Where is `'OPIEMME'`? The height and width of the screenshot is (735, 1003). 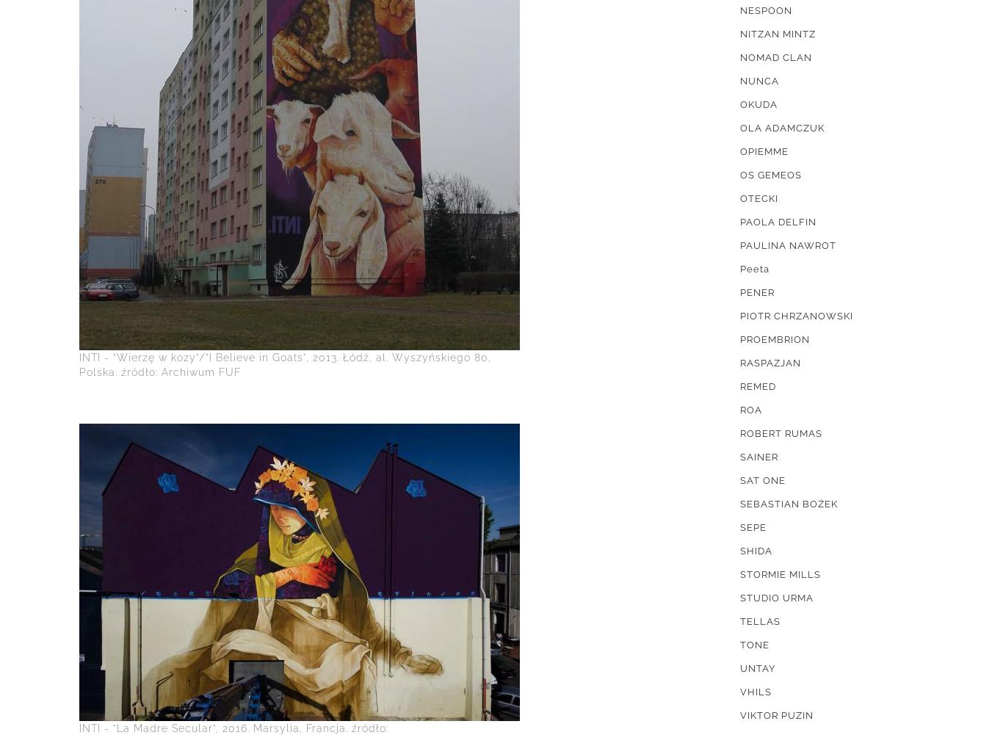
'OPIEMME' is located at coordinates (764, 151).